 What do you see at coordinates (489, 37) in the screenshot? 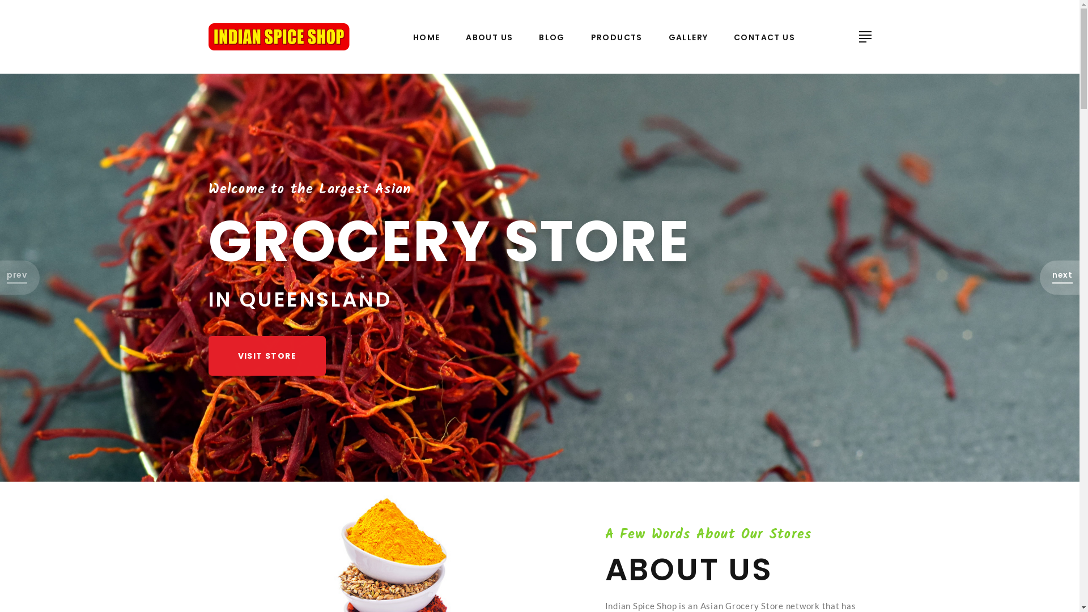
I see `'ABOUT US'` at bounding box center [489, 37].